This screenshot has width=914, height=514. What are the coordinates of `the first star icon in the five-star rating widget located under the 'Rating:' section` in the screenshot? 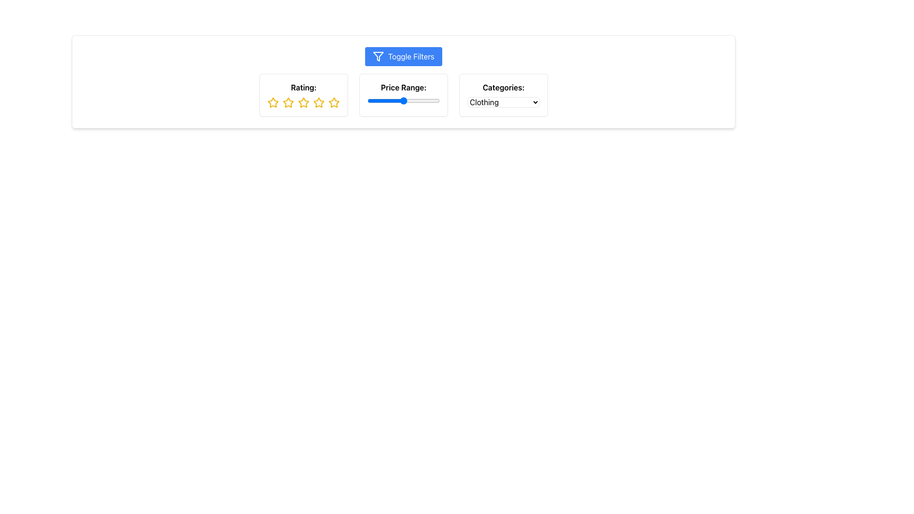 It's located at (273, 103).